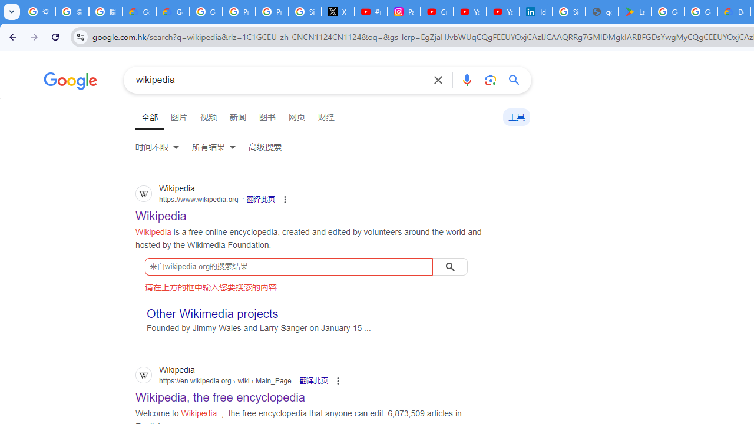 The height and width of the screenshot is (424, 754). What do you see at coordinates (213, 313) in the screenshot?
I see `'Other Wikimedia projects'` at bounding box center [213, 313].